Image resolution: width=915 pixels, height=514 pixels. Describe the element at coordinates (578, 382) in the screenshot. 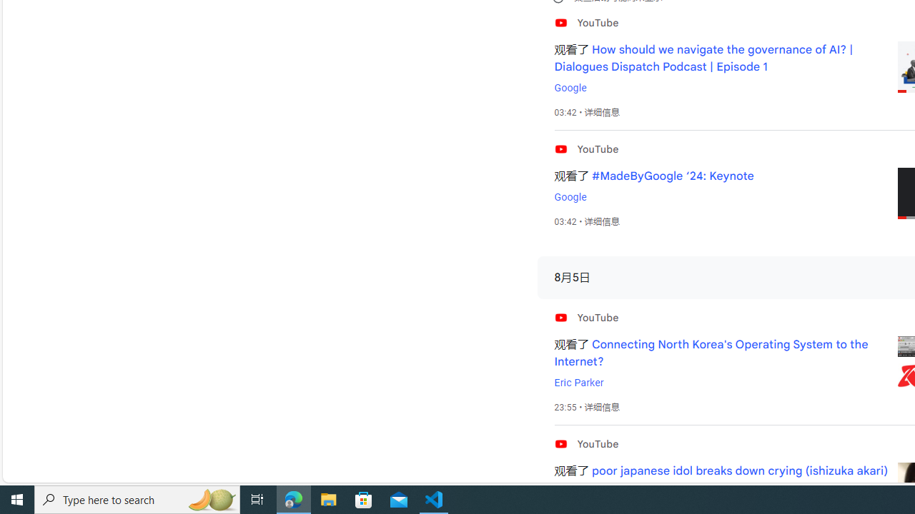

I see `'Eric Parker'` at that location.